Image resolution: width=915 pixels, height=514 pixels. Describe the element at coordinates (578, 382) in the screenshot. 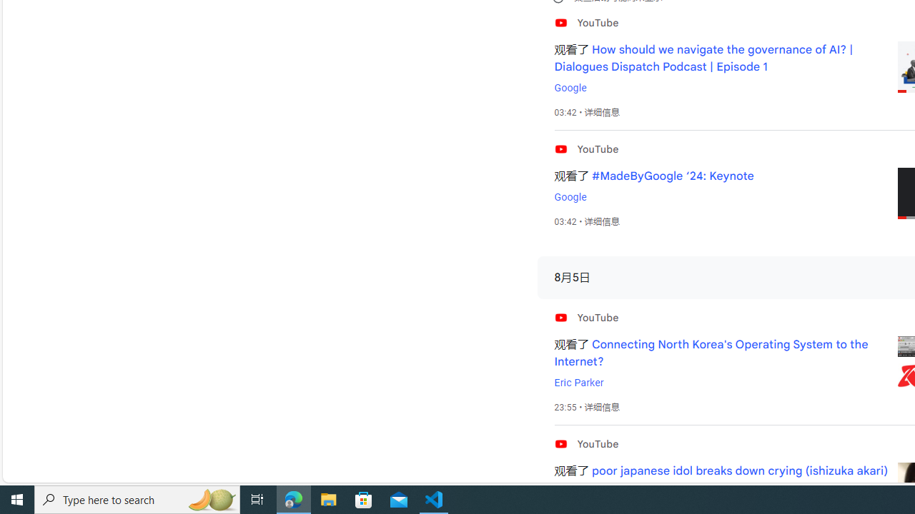

I see `'Eric Parker'` at that location.